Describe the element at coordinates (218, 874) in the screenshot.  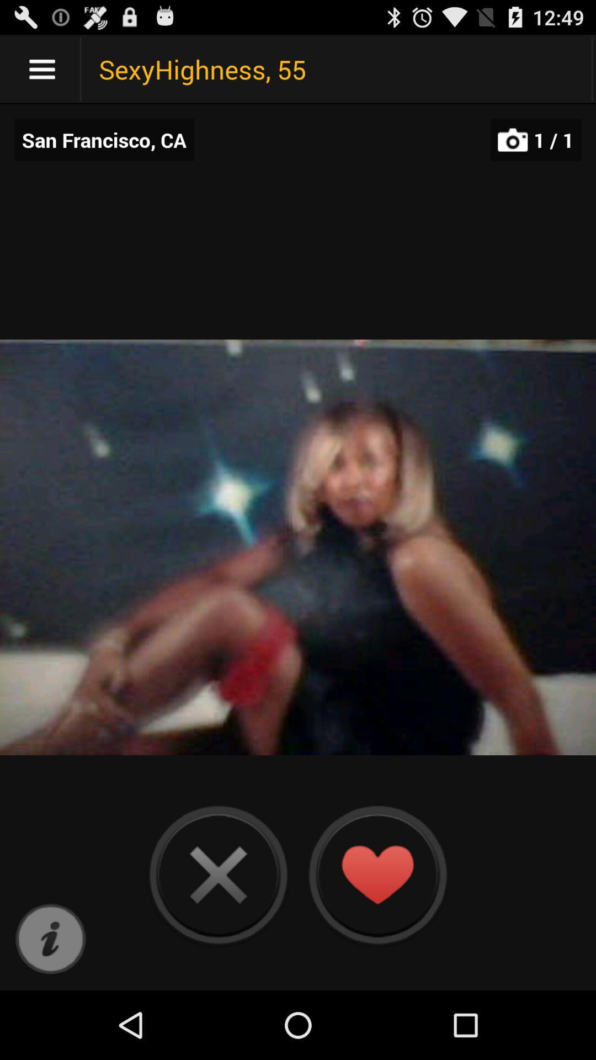
I see `choose to move to the next person` at that location.